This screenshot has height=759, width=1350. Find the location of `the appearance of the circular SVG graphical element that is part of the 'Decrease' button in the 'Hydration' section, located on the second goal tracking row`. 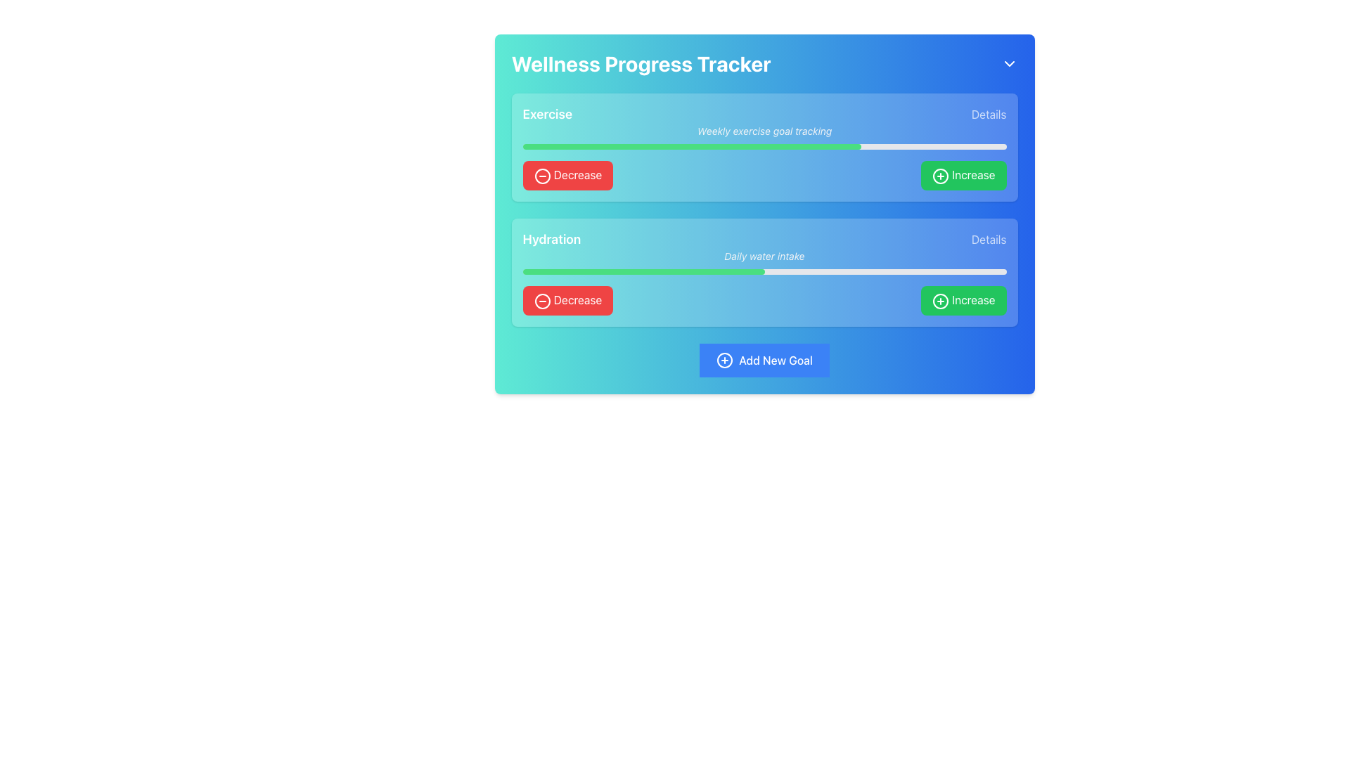

the appearance of the circular SVG graphical element that is part of the 'Decrease' button in the 'Hydration' section, located on the second goal tracking row is located at coordinates (541, 300).